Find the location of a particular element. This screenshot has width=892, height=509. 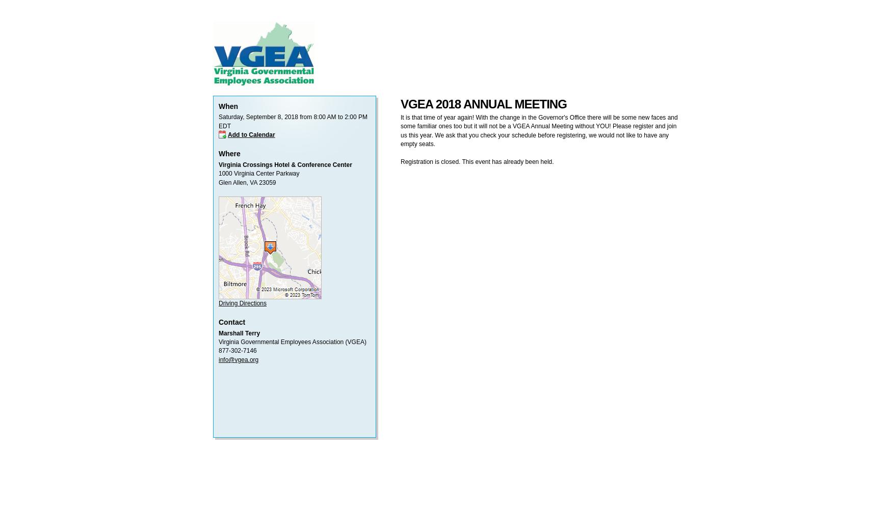

'Where' is located at coordinates (229, 154).